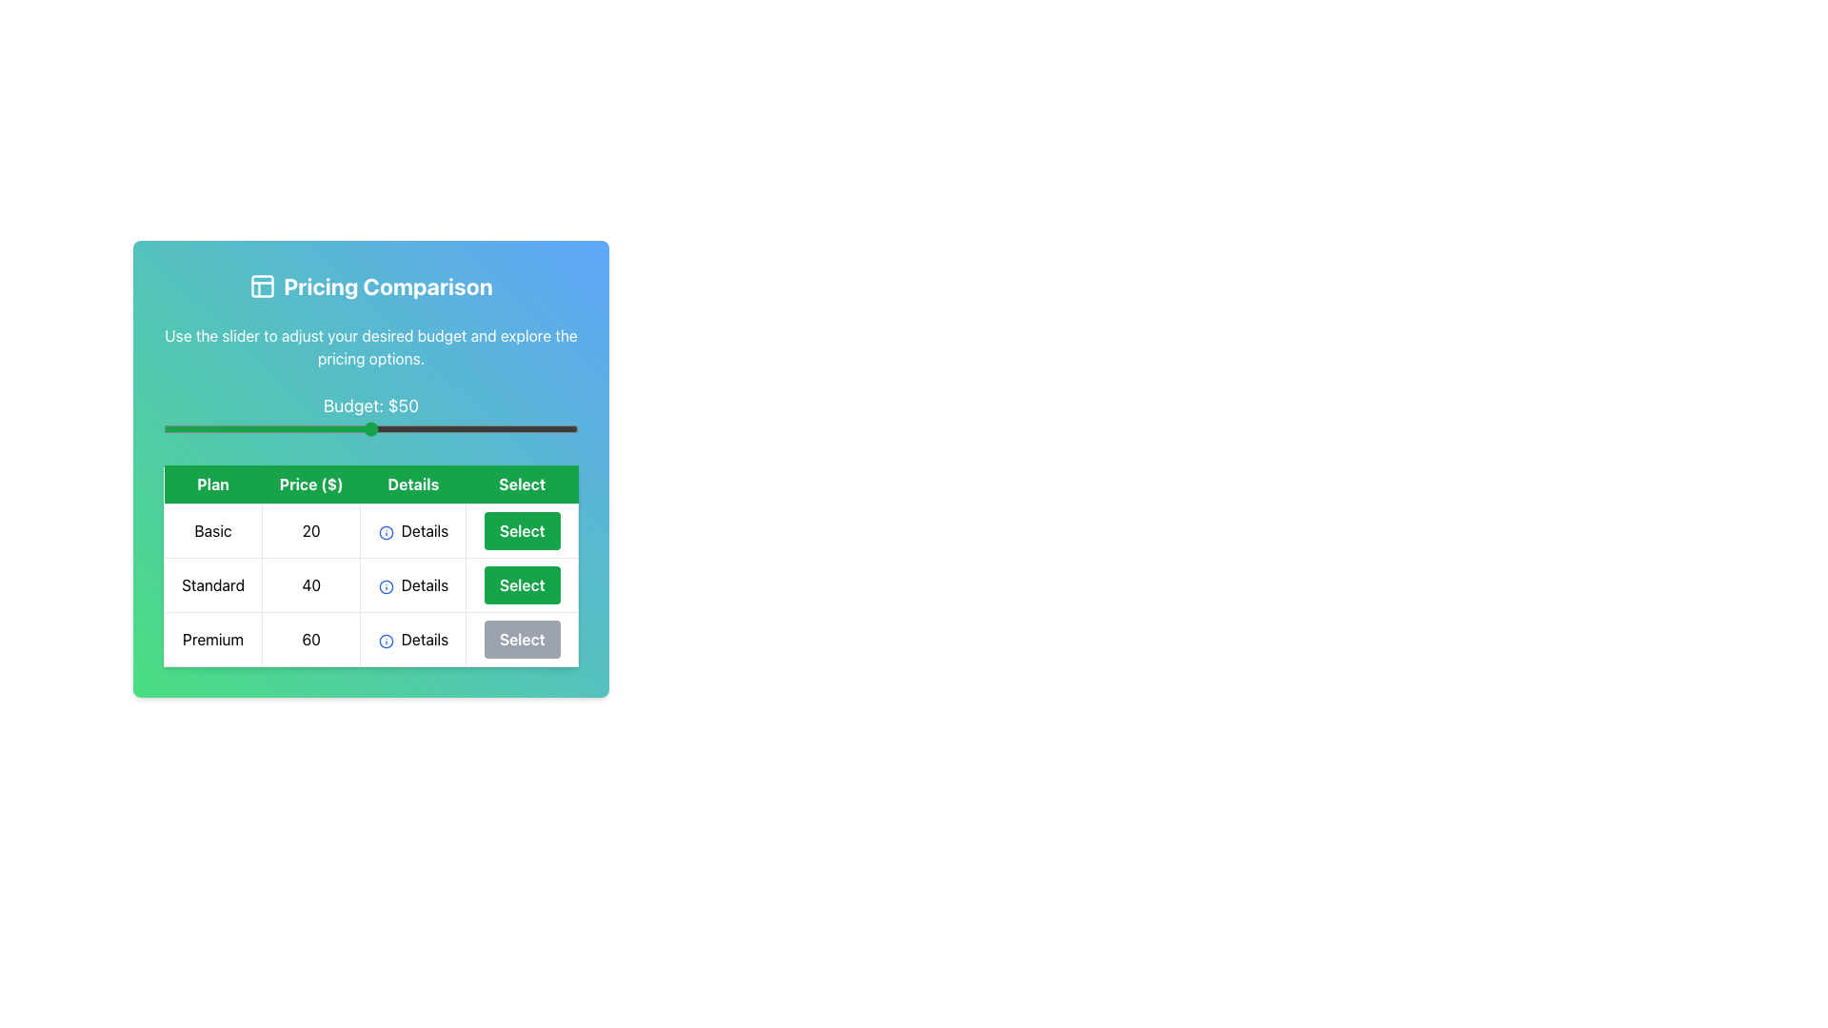 This screenshot has width=1828, height=1028. Describe the element at coordinates (412, 484) in the screenshot. I see `the Table Header Cell labeled 'Details', which is the third column header in the table, displayed with white text on a green background` at that location.